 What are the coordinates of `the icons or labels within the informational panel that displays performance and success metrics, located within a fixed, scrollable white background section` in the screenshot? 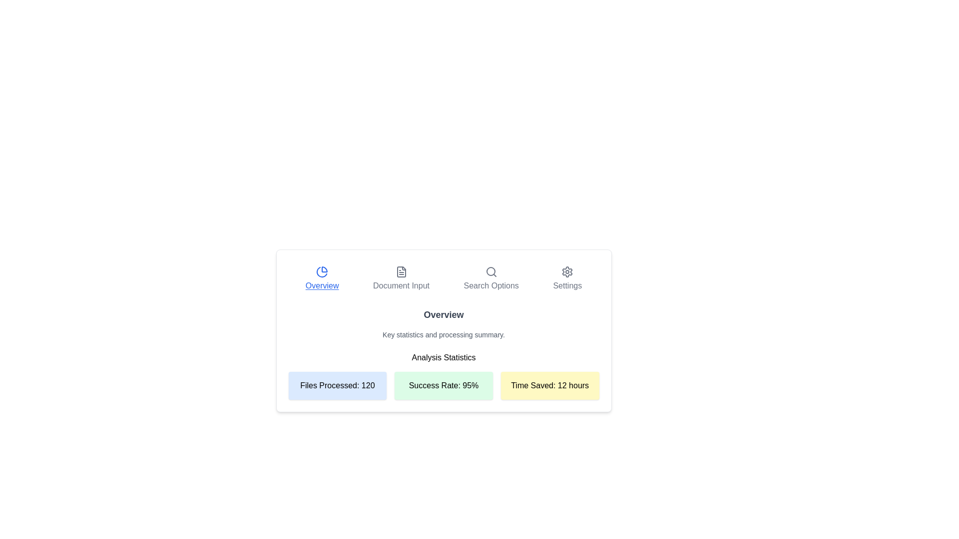 It's located at (443, 317).